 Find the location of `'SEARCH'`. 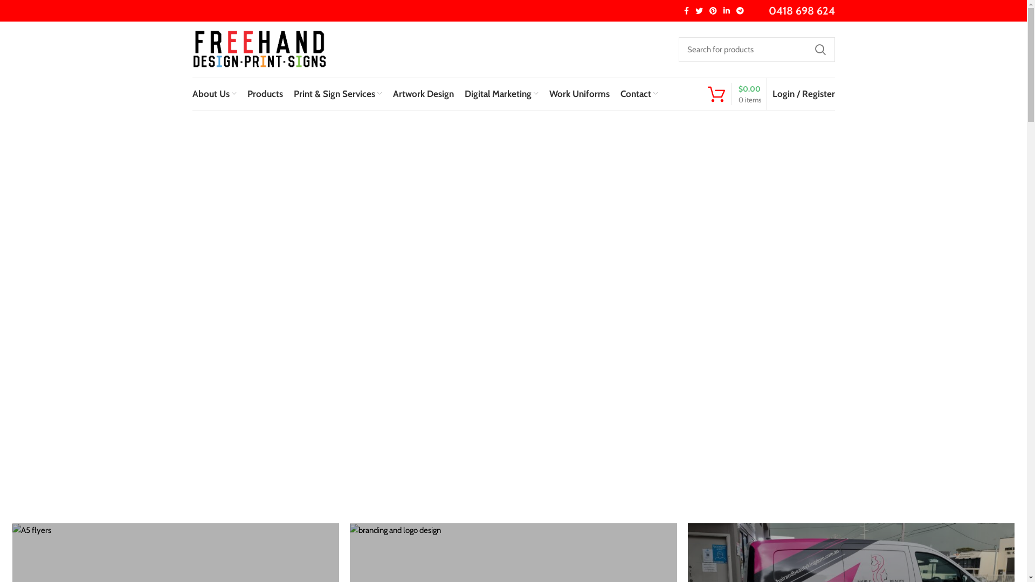

'SEARCH' is located at coordinates (819, 50).